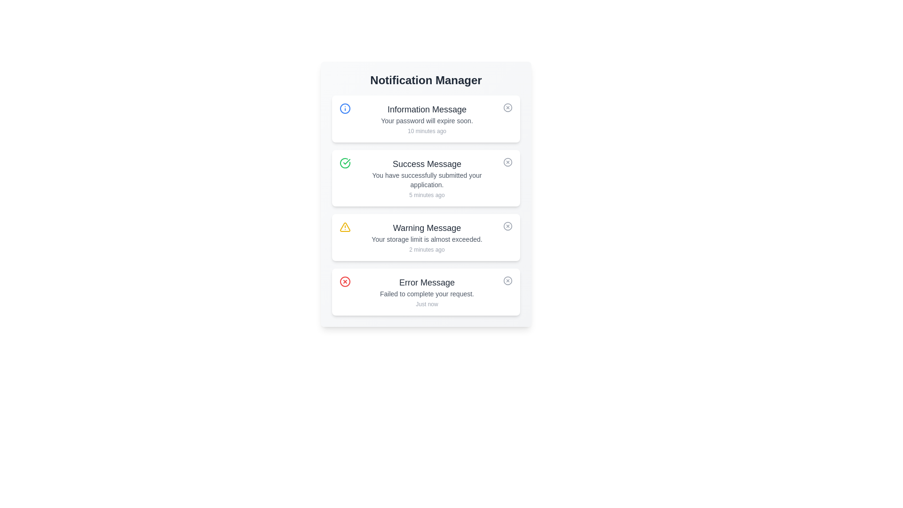  Describe the element at coordinates (426, 180) in the screenshot. I see `information from the text label that provides feedback about the successful submission of the application, located in the second notification card under 'Success Message.'` at that location.